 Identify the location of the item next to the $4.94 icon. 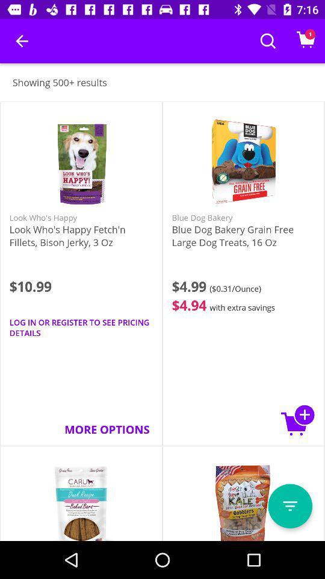
(81, 327).